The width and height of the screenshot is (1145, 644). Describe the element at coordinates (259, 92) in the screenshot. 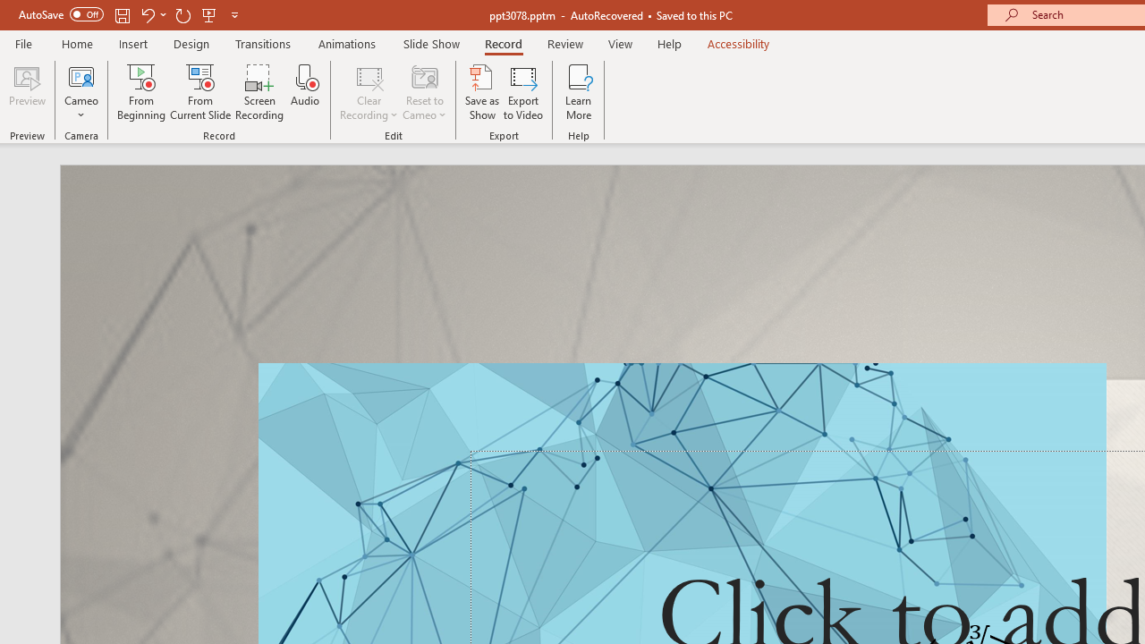

I see `'Screen Recording'` at that location.